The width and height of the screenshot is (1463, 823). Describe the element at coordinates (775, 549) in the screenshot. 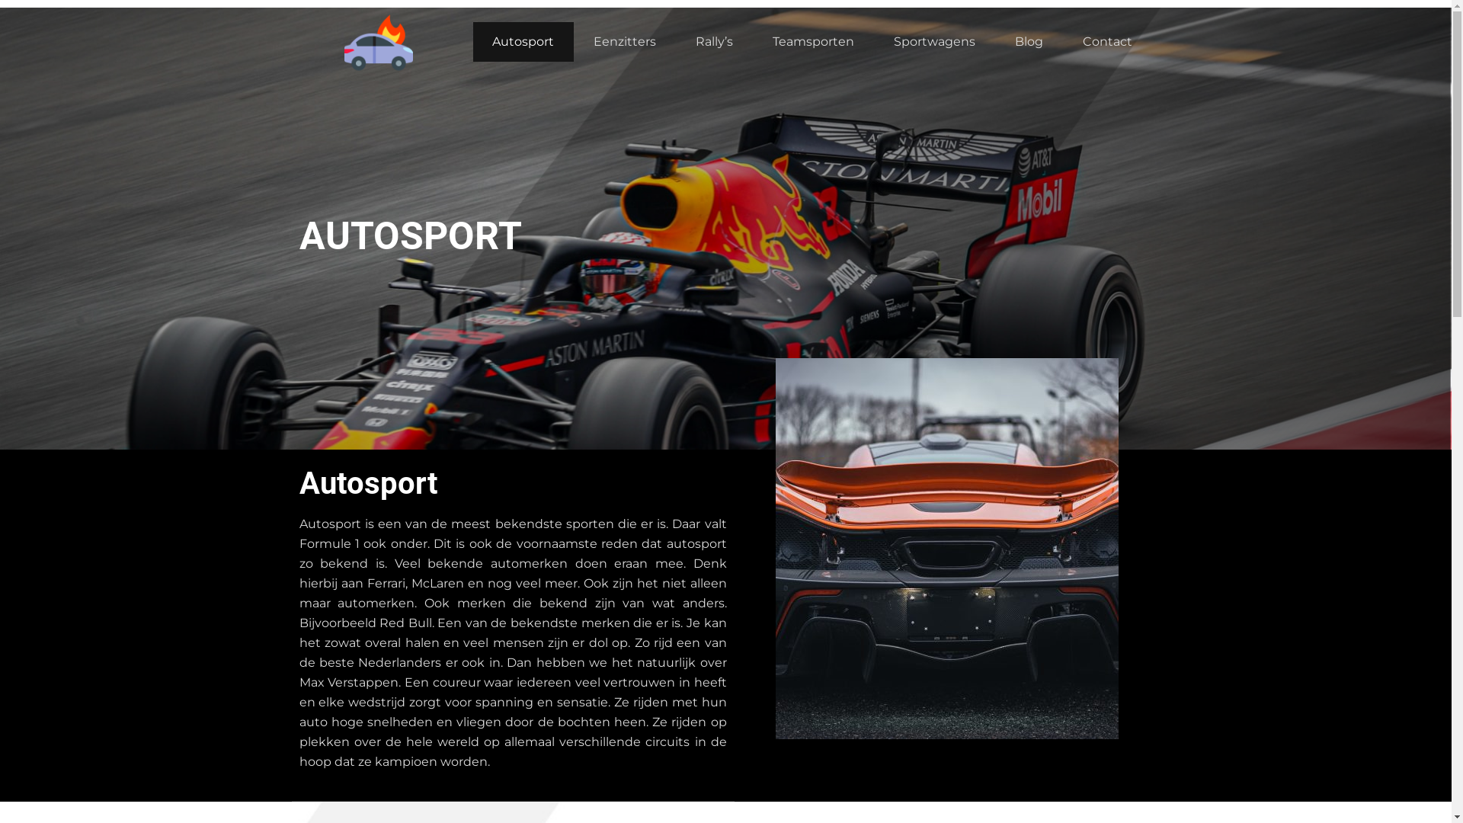

I see `'brandon-atchison-ndrjunfmqwY-unsplash'` at that location.